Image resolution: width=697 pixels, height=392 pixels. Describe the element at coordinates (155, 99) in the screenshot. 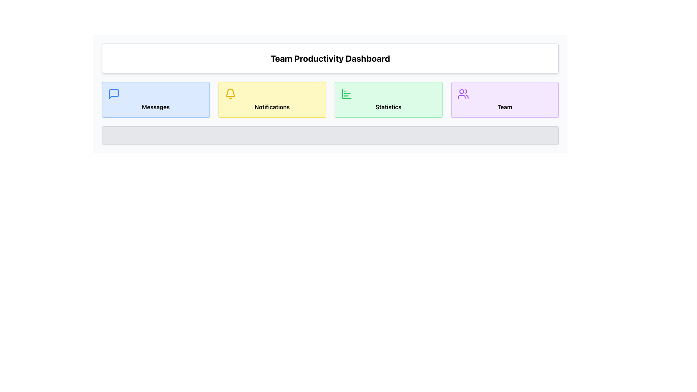

I see `the 'Messages' button located in the first column of the second row of the grid layout` at that location.